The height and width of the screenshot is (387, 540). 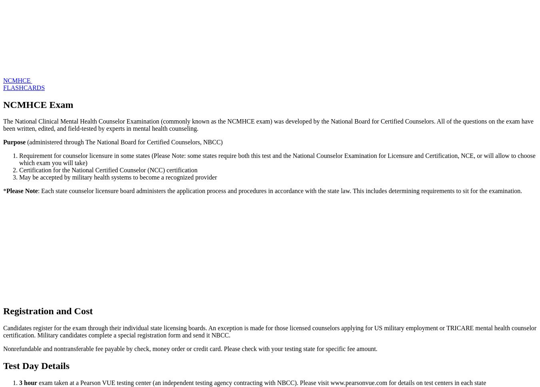 I want to click on 'May be accepted by military health systems to become a recognized provider', so click(x=117, y=177).